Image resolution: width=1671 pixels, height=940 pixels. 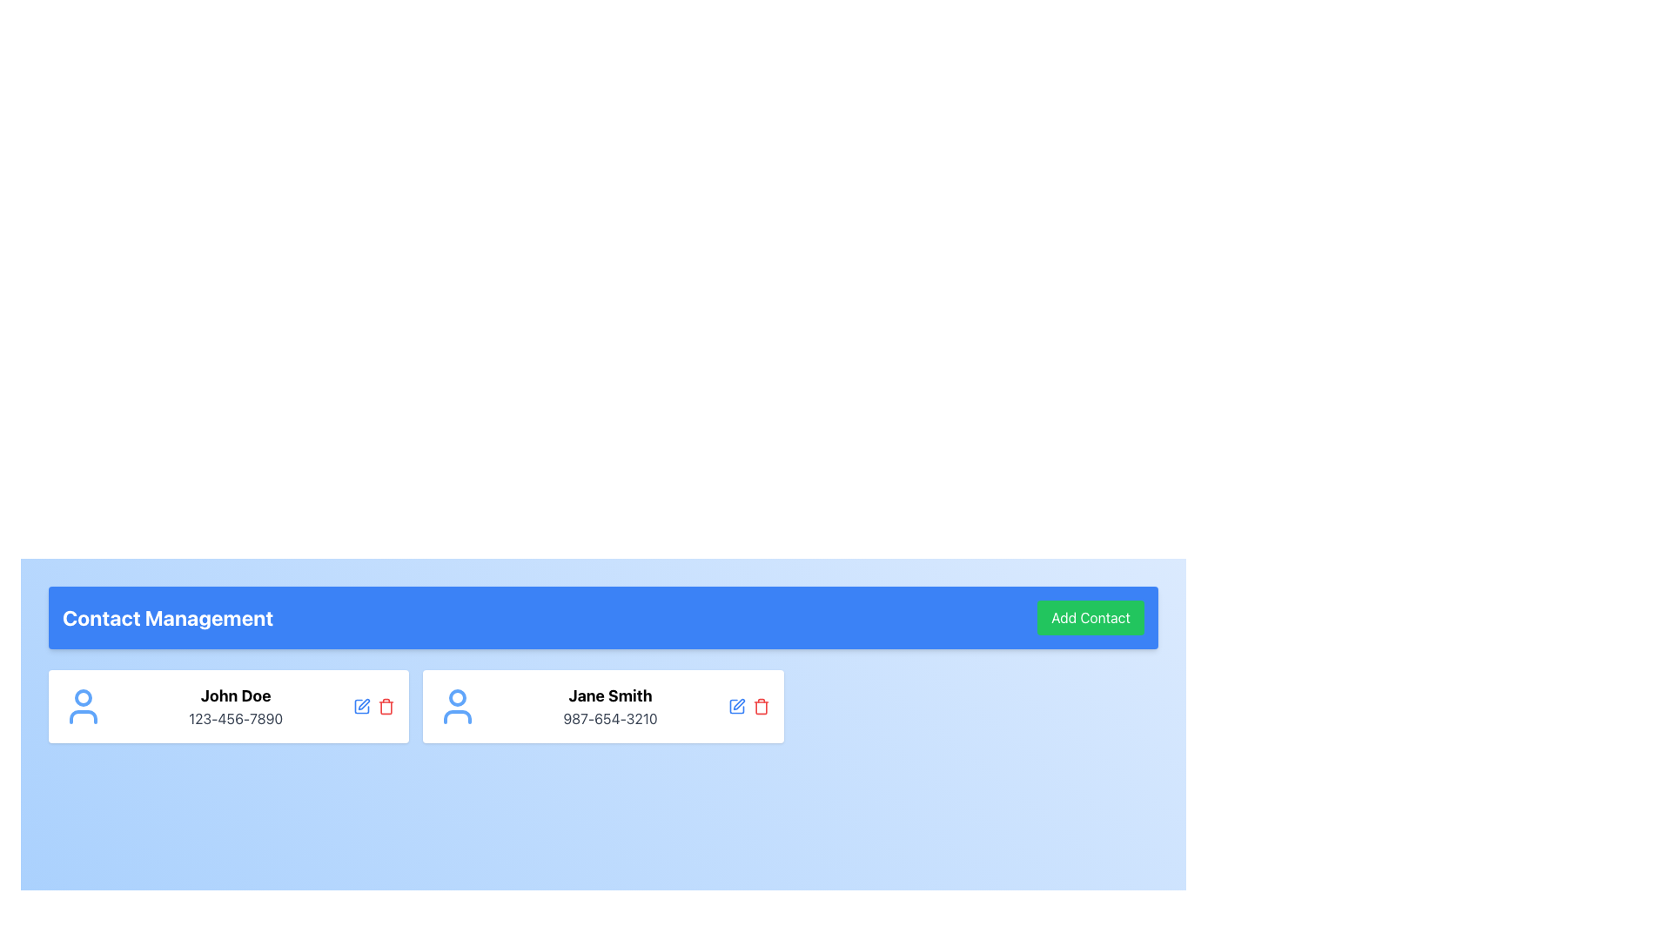 I want to click on text label displaying 'John Doe' which is prominently styled within the contact information card located under 'Contact Management', so click(x=235, y=695).